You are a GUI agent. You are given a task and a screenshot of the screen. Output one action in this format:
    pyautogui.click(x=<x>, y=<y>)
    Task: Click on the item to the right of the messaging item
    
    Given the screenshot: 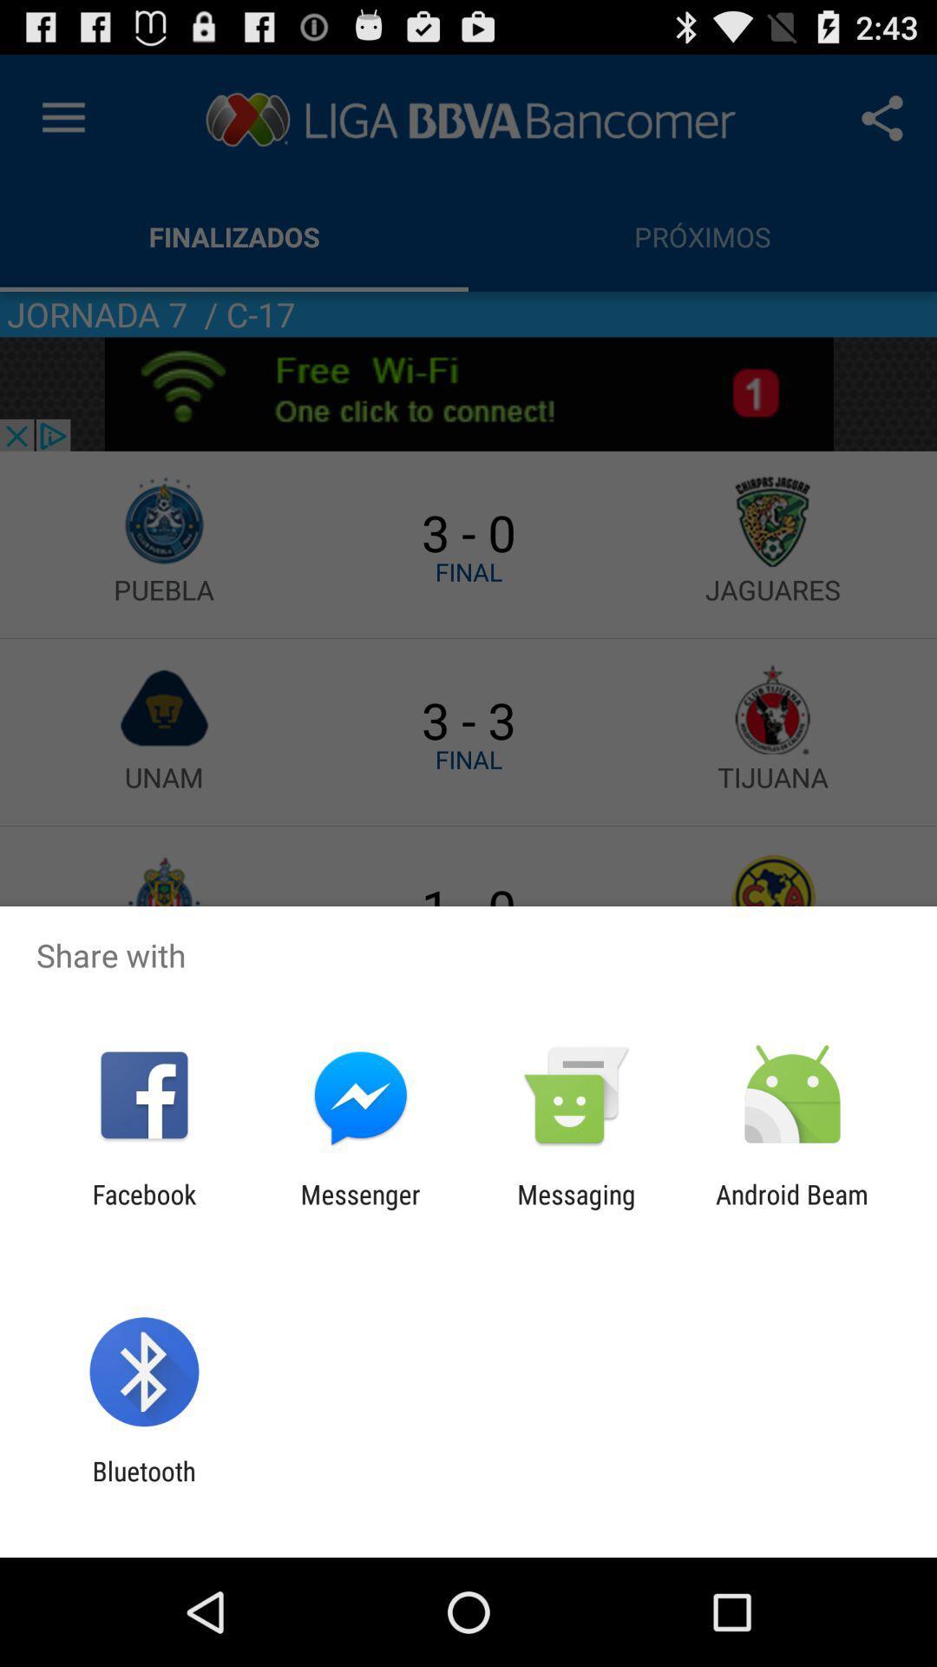 What is the action you would take?
    pyautogui.click(x=792, y=1209)
    